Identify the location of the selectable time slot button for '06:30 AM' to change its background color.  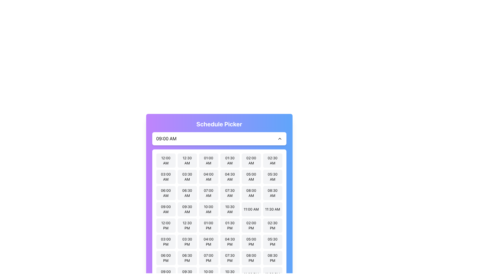
(187, 193).